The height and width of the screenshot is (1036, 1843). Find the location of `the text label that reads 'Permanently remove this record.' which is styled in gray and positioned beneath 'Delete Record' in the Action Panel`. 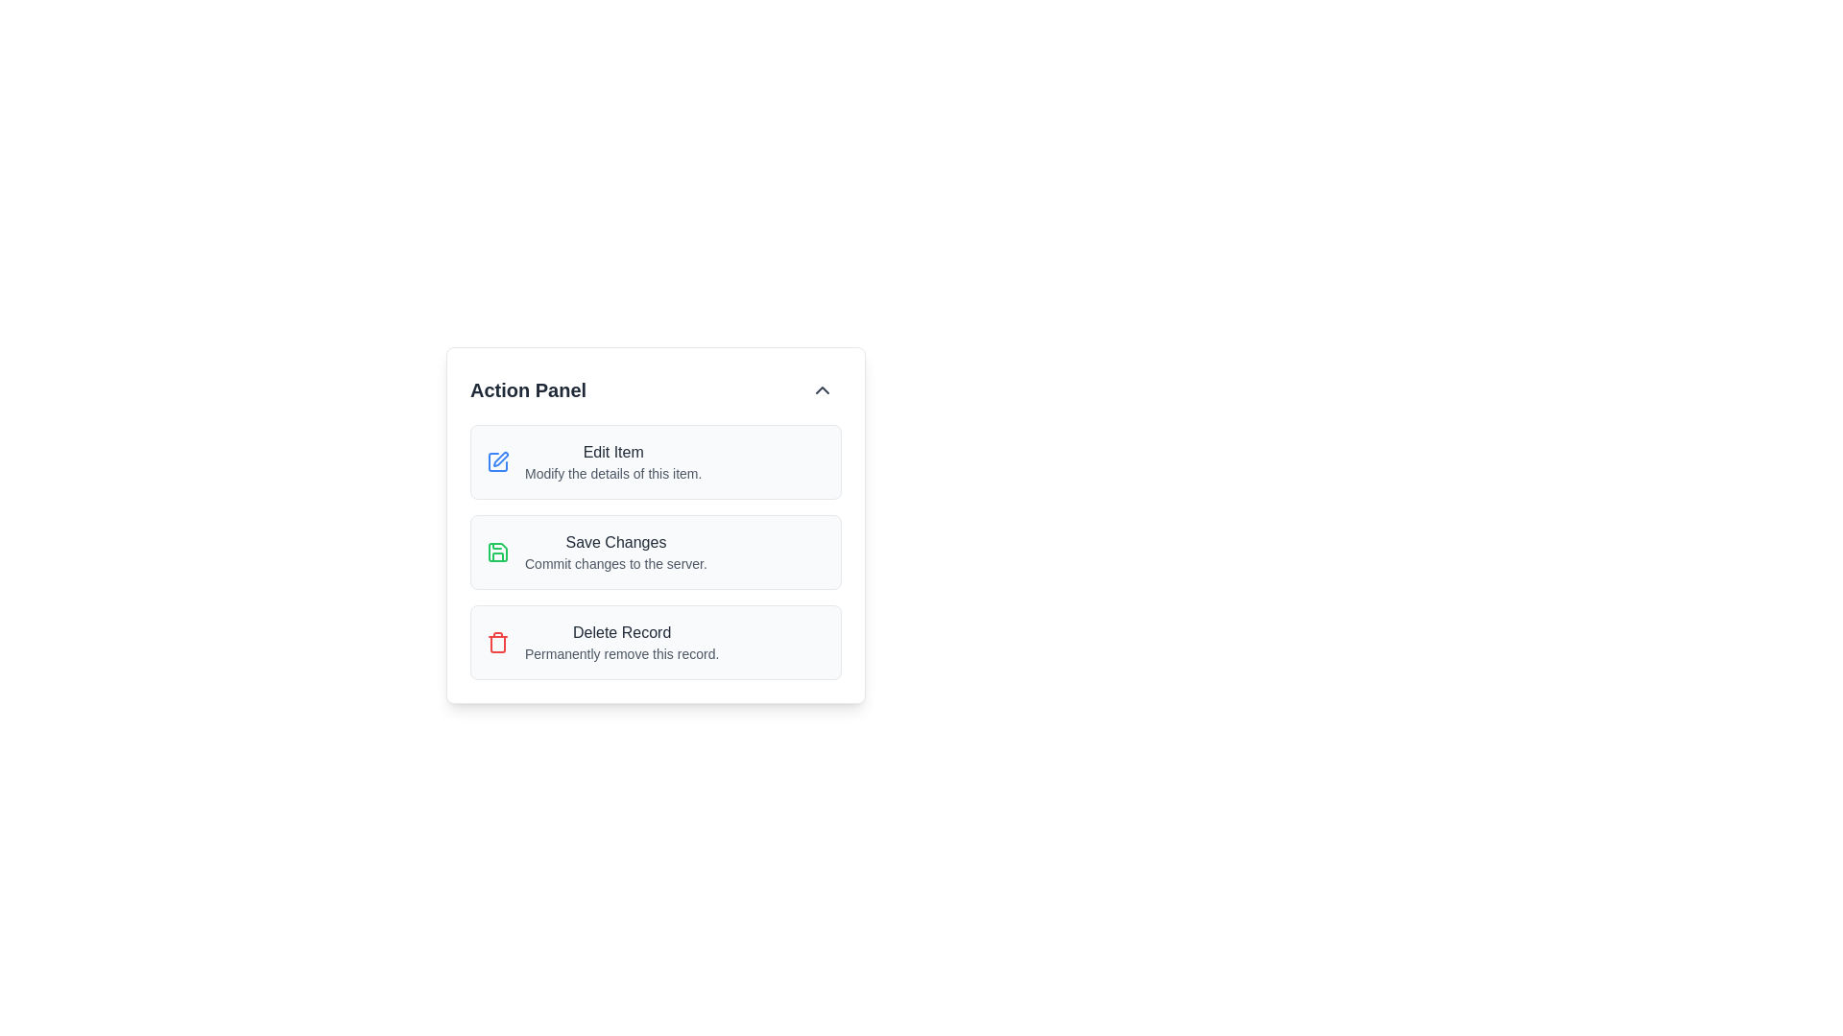

the text label that reads 'Permanently remove this record.' which is styled in gray and positioned beneath 'Delete Record' in the Action Panel is located at coordinates (622, 653).